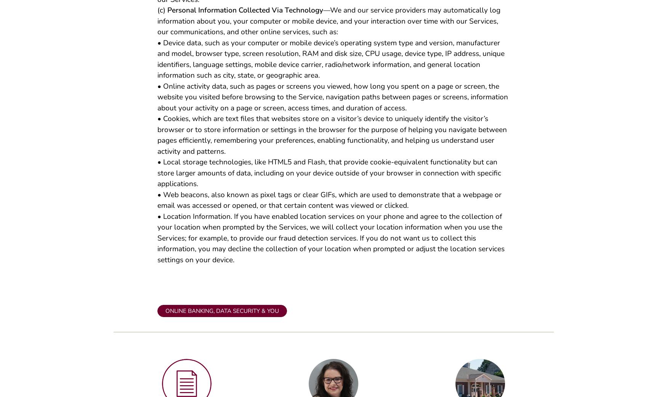  What do you see at coordinates (332, 137) in the screenshot?
I see `'• Cookies, which are text files that websites store on a visitor’s device to uniquely identify the visitor’s browser or to store information or settings in the browser for the purpose of helping you navigate between pages efficiently, remembering your preferences, enabling functionality, and helping us understand user activity and patterns.'` at bounding box center [332, 137].